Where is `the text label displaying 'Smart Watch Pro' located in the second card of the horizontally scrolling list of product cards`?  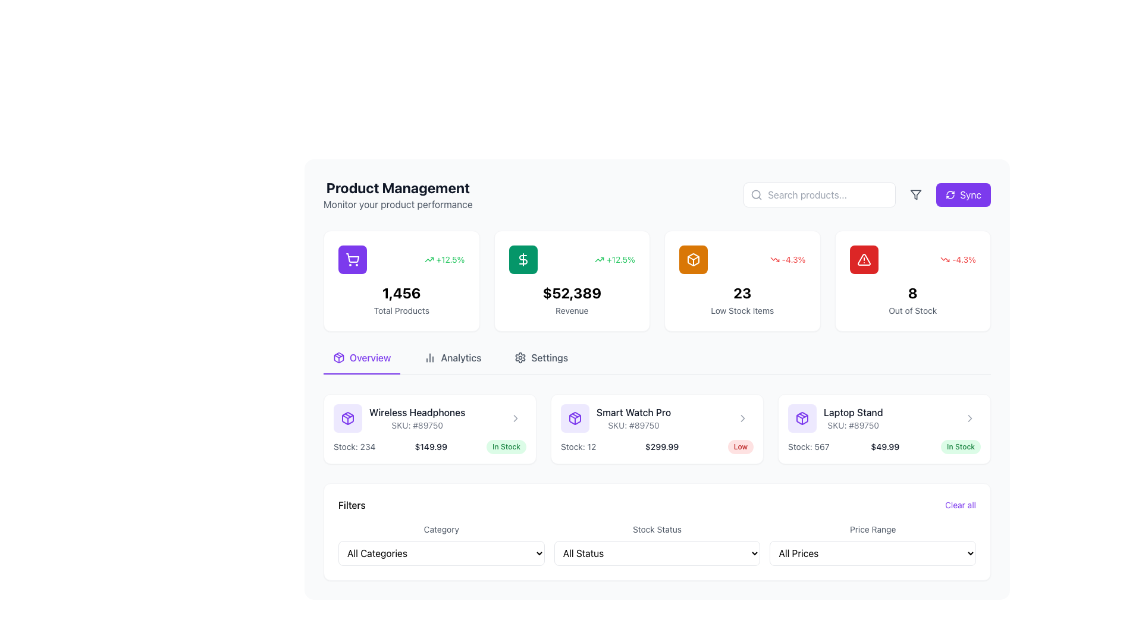
the text label displaying 'Smart Watch Pro' located in the second card of the horizontally scrolling list of product cards is located at coordinates (633, 412).